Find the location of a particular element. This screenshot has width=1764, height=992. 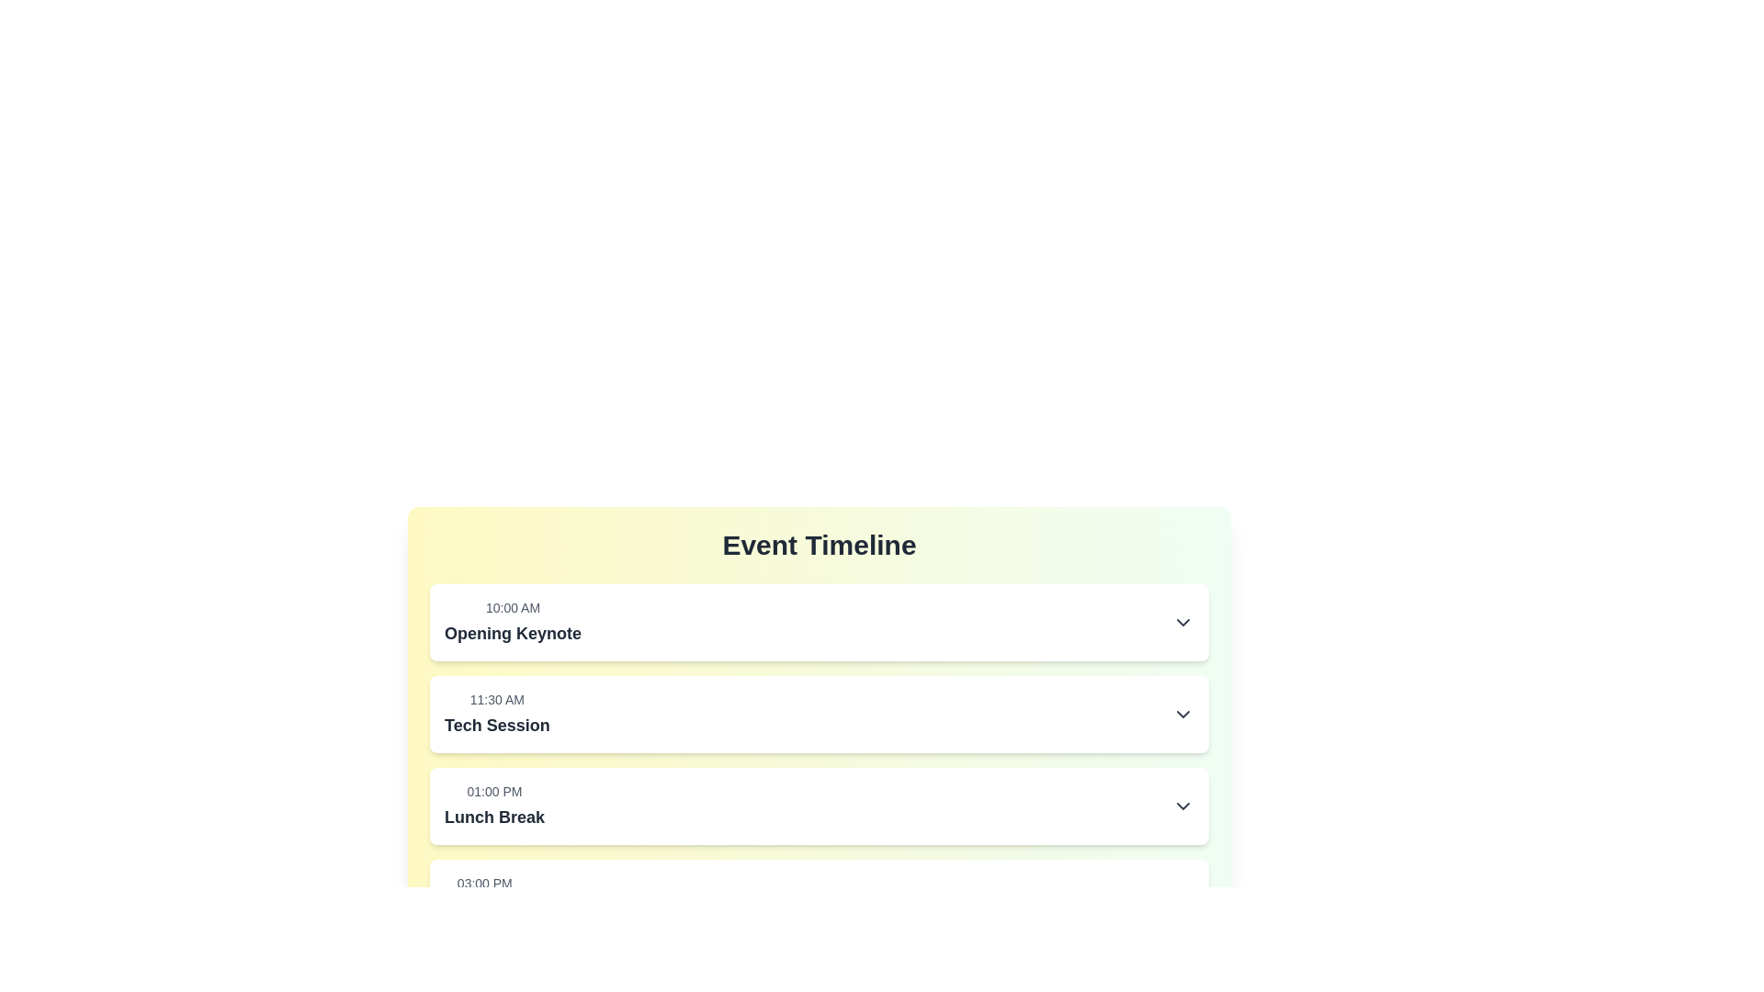

the text label displaying '03:00 PM', which is in a smaller, gray-colored font and aligned with similar elements above it in the 'Event Timeline' section is located at coordinates (484, 882).